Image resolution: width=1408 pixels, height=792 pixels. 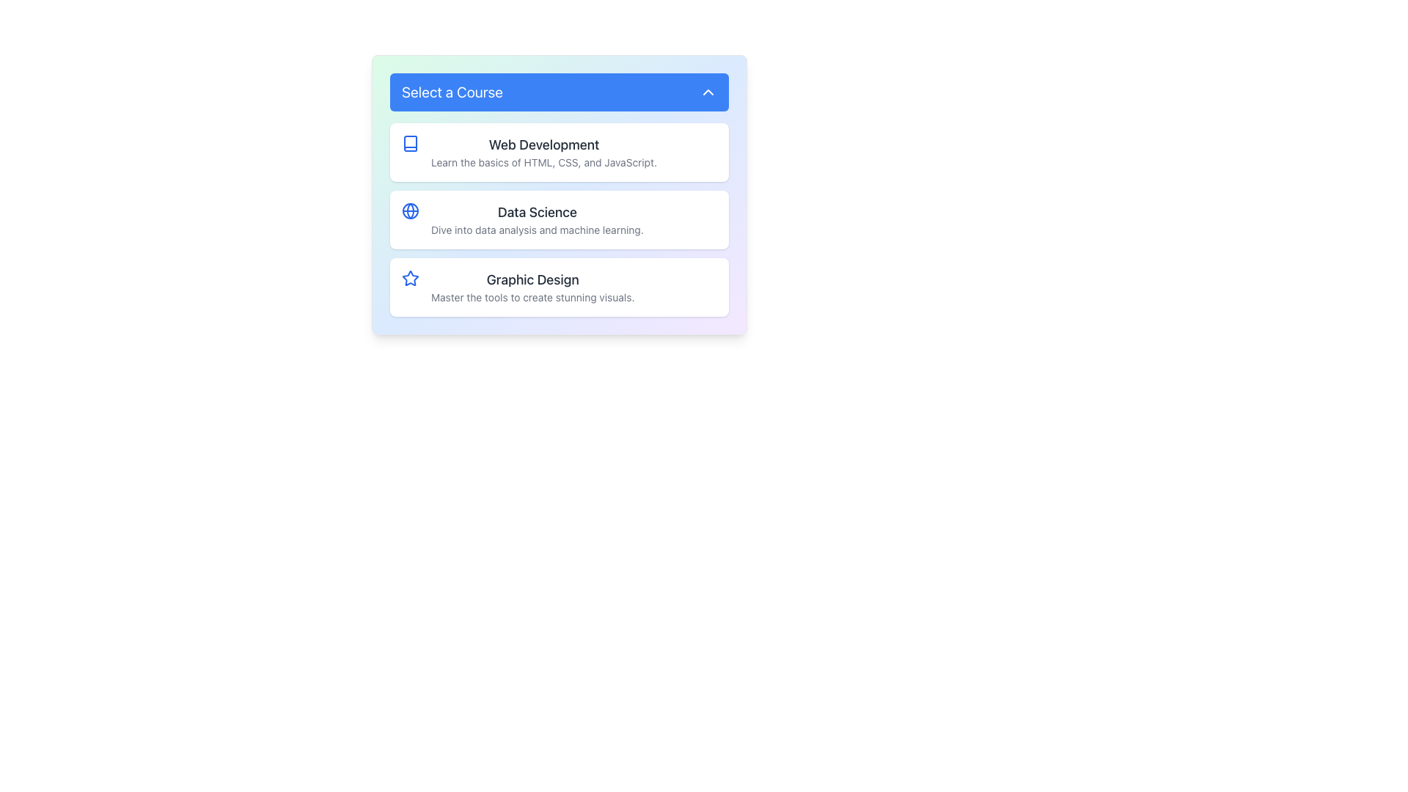 What do you see at coordinates (536, 212) in the screenshot?
I see `the 'Data Science' text label, which serves as the title for the course option within the second card of the 'Select a Course' section` at bounding box center [536, 212].